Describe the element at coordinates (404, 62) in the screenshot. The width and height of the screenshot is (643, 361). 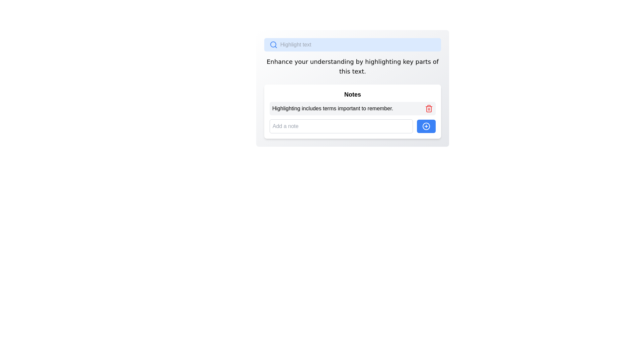
I see `the character 'k' in the word 'key' within the instructional text 'Enhance your understanding by highlighting key parts of this text.'` at that location.